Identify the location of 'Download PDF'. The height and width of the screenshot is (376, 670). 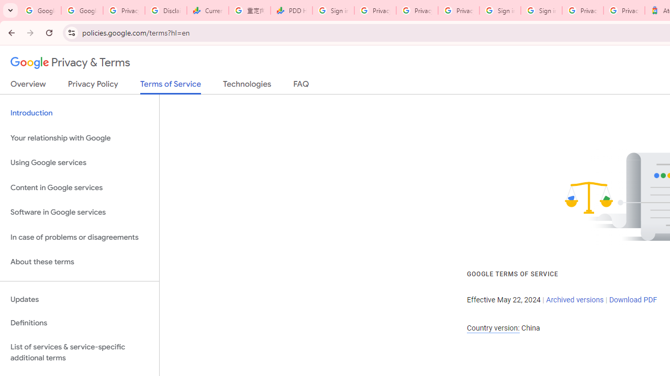
(632, 300).